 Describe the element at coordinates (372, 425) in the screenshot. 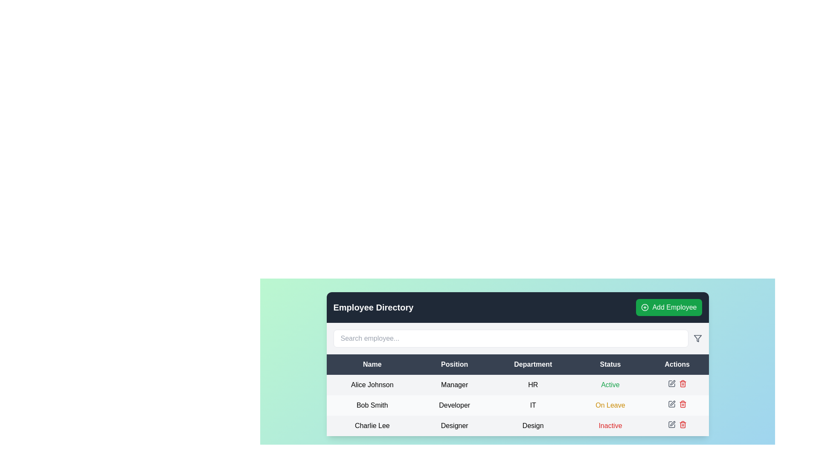

I see `text displayed in the text field for the employee name 'Charlie Lee', which is the first field in the last row of the table under the 'Name' column` at that location.